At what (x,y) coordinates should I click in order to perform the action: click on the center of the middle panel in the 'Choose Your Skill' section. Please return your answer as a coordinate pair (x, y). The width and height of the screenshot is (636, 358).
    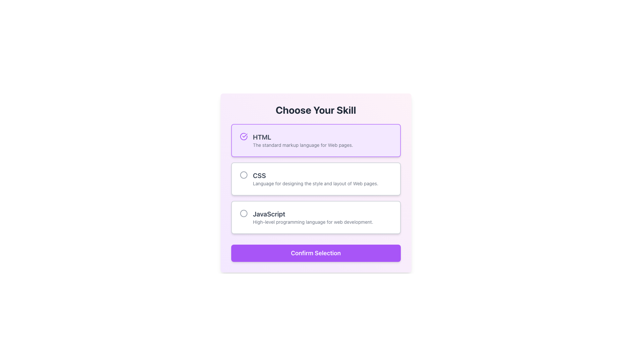
    Looking at the image, I should click on (315, 179).